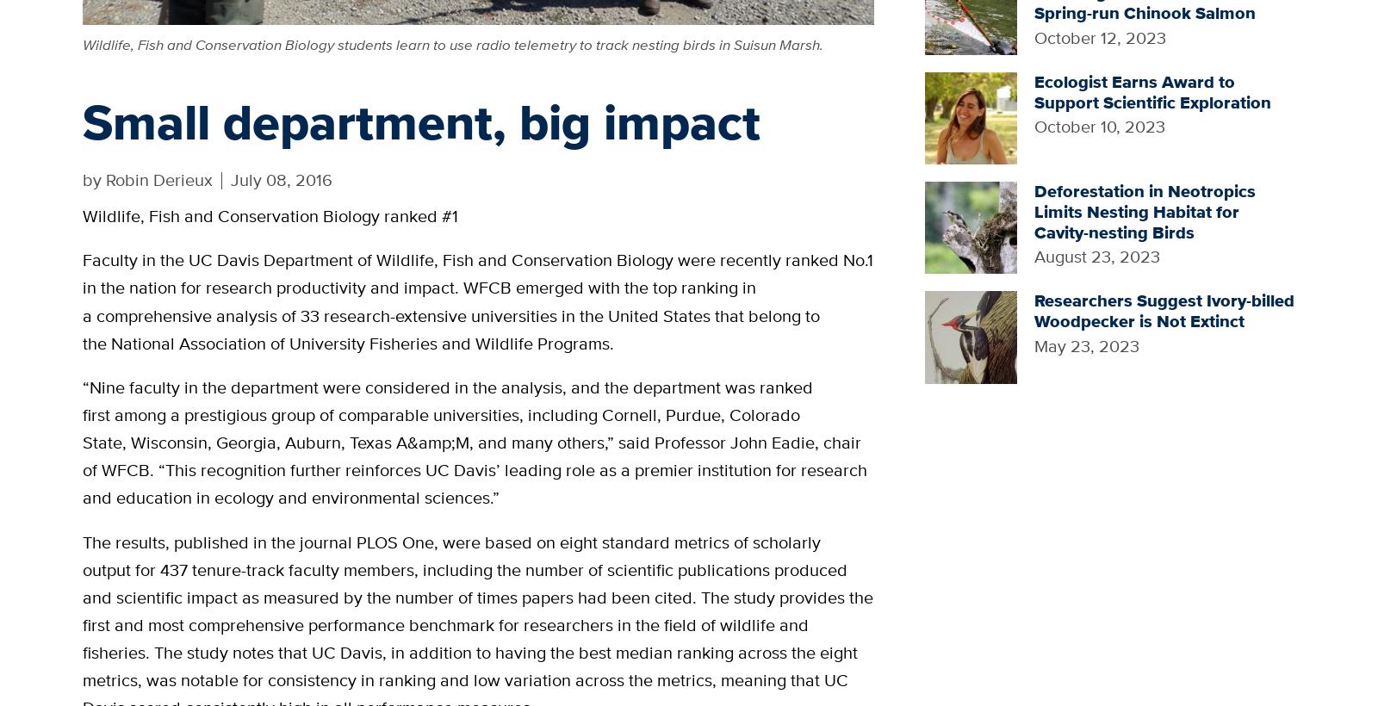 This screenshot has width=1378, height=706. I want to click on 'Wildlife, Fish and Conservation Biology ranked #1', so click(82, 214).